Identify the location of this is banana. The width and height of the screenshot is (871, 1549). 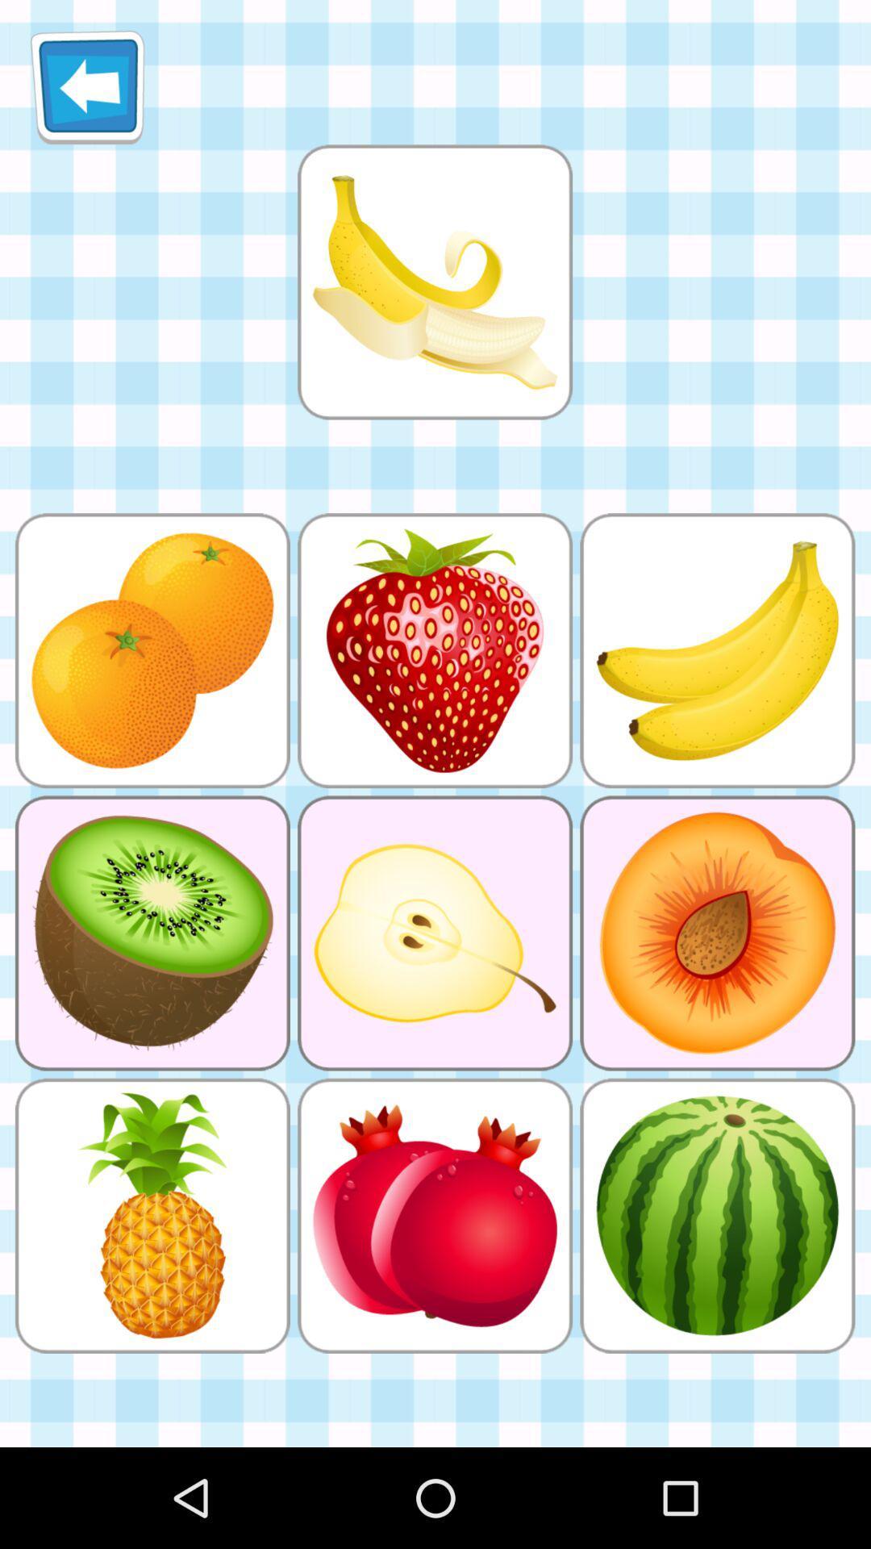
(434, 282).